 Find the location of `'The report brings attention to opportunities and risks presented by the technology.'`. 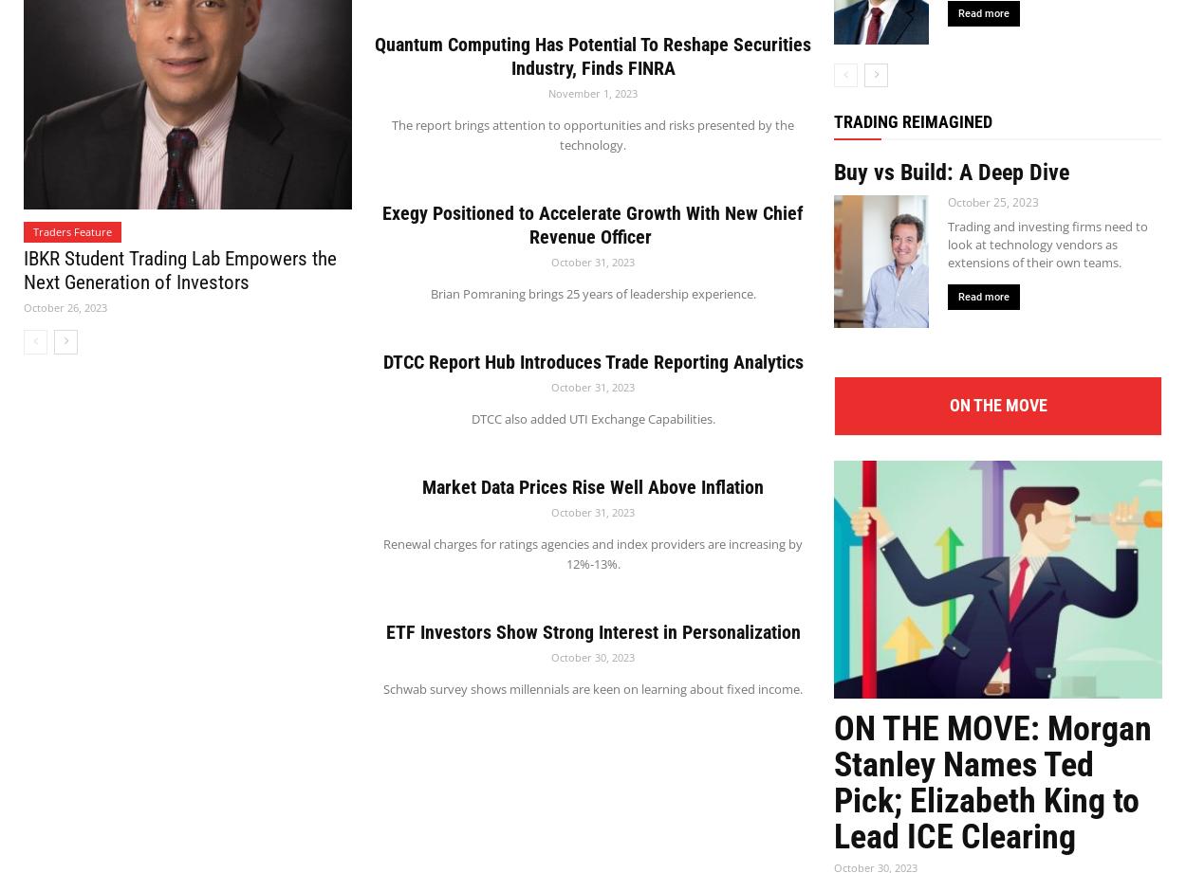

'The report brings attention to opportunities and risks presented by the technology.' is located at coordinates (593, 134).